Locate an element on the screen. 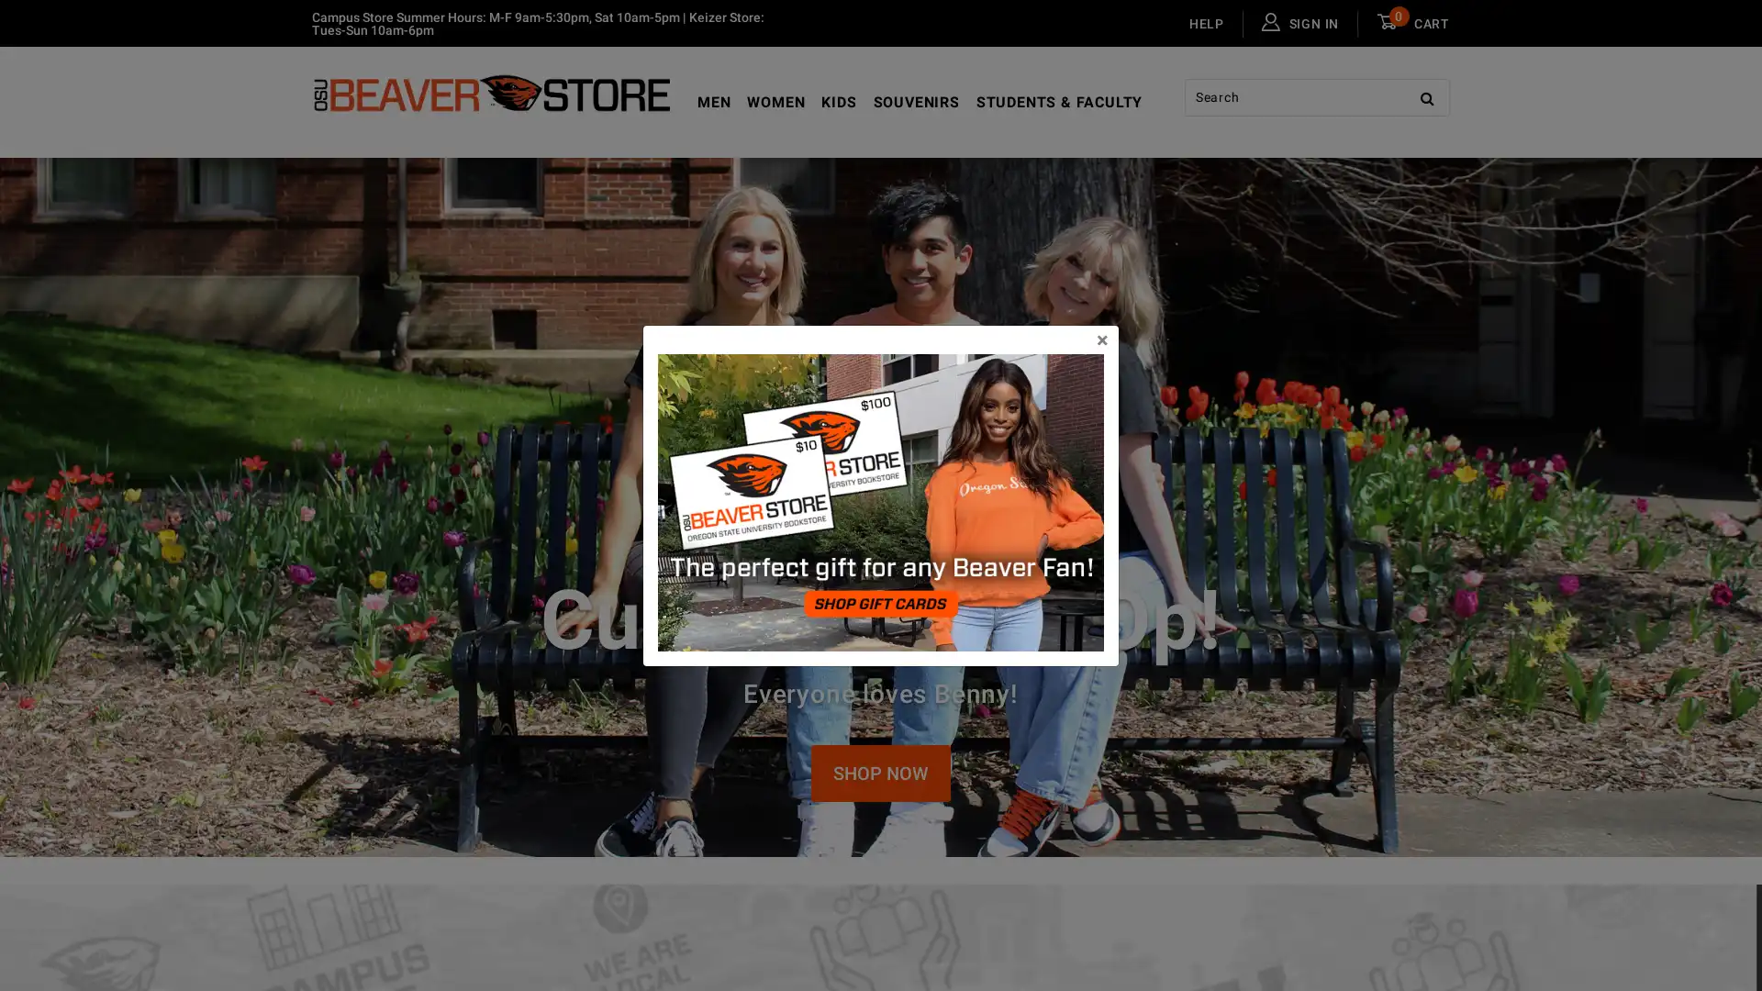  Close is located at coordinates (1101, 340).